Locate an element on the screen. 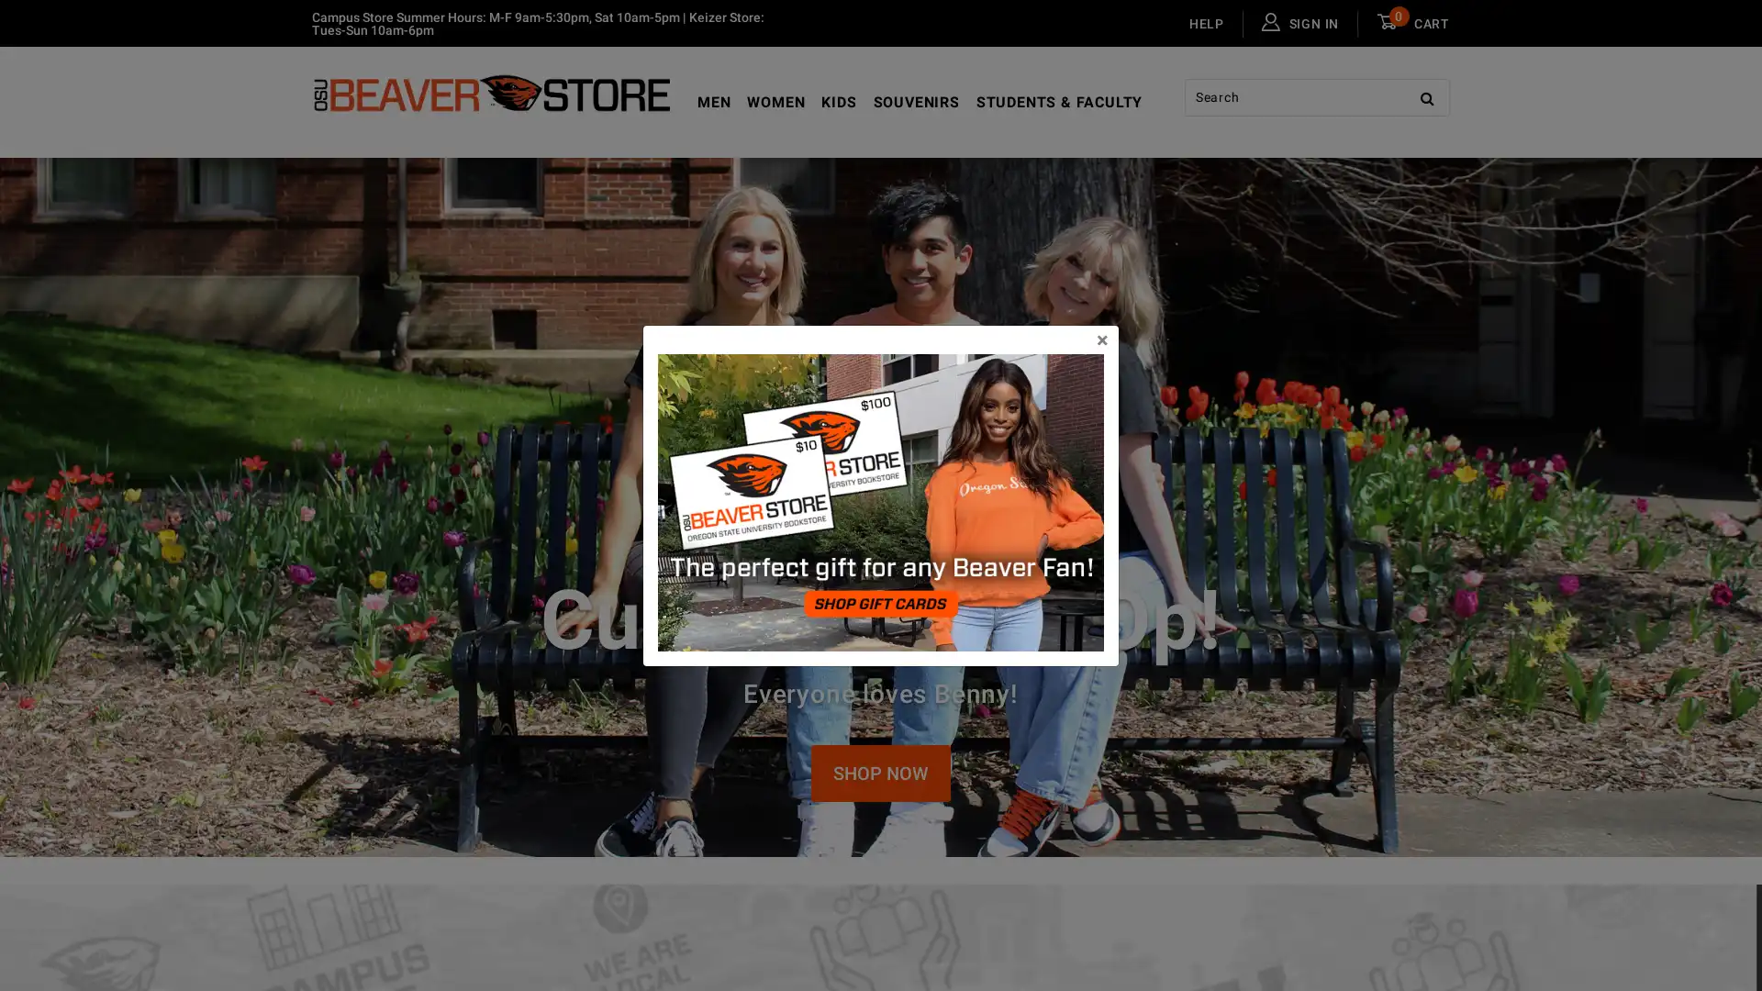  Close is located at coordinates (1101, 340).